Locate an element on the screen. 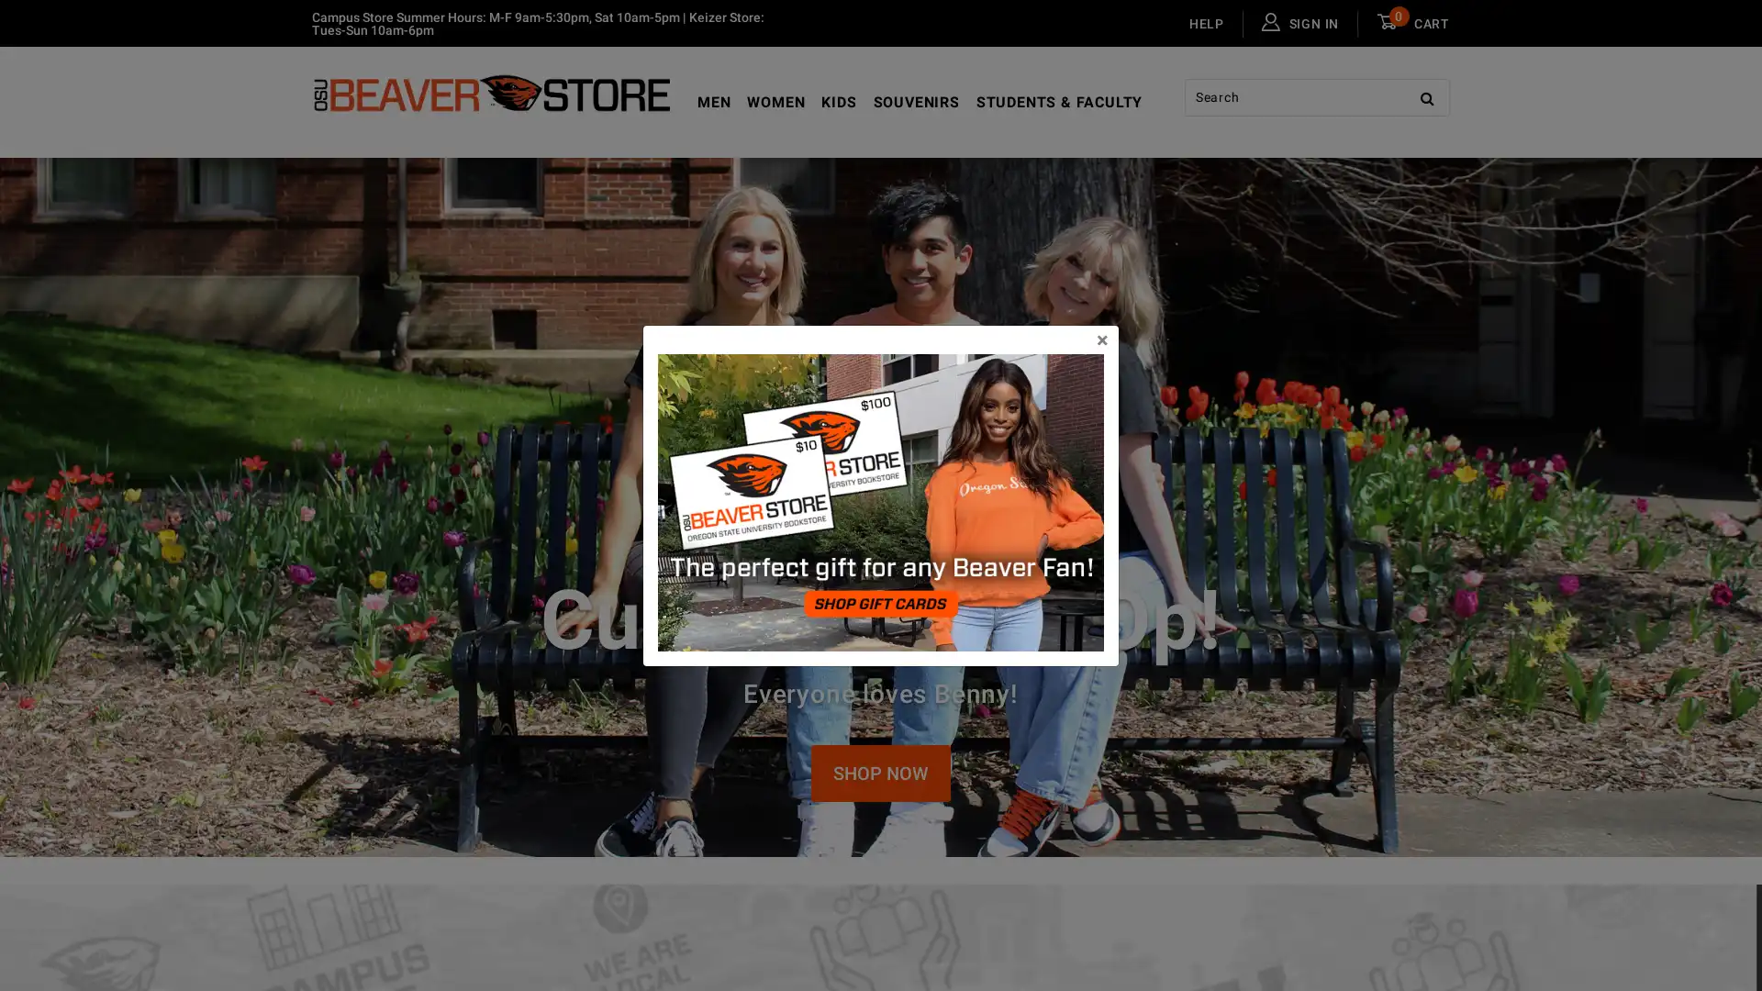  Close is located at coordinates (1101, 340).